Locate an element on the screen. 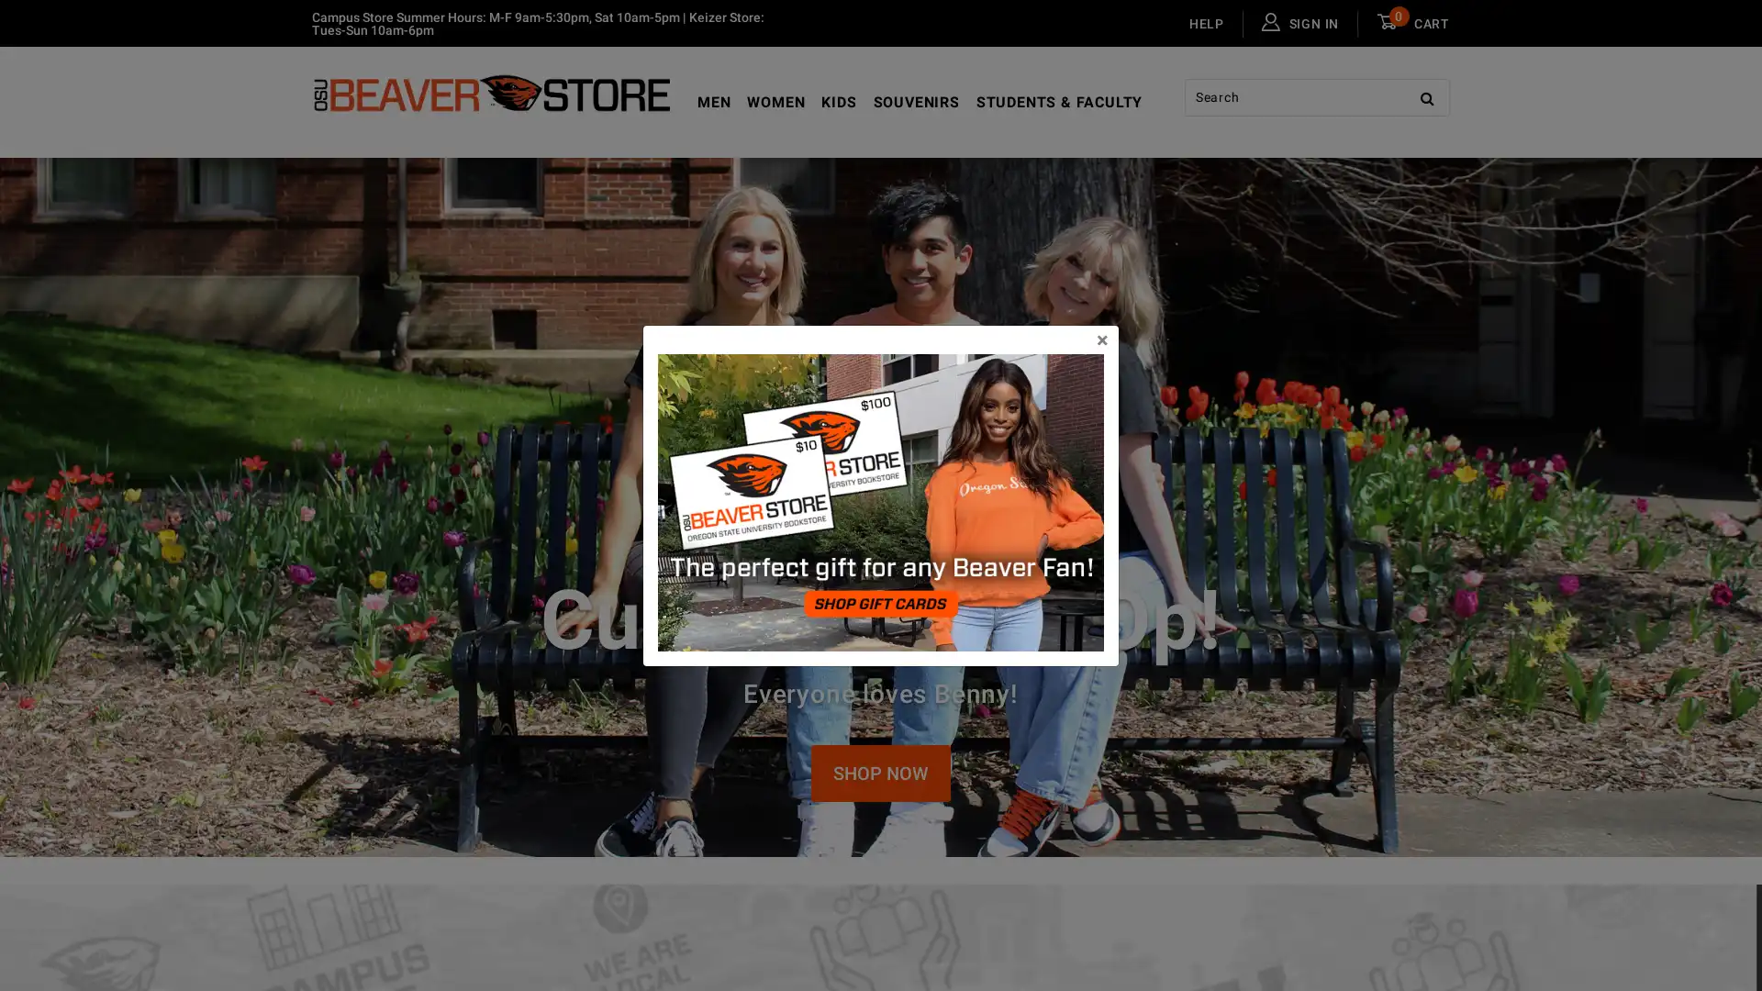  Close is located at coordinates (1101, 340).